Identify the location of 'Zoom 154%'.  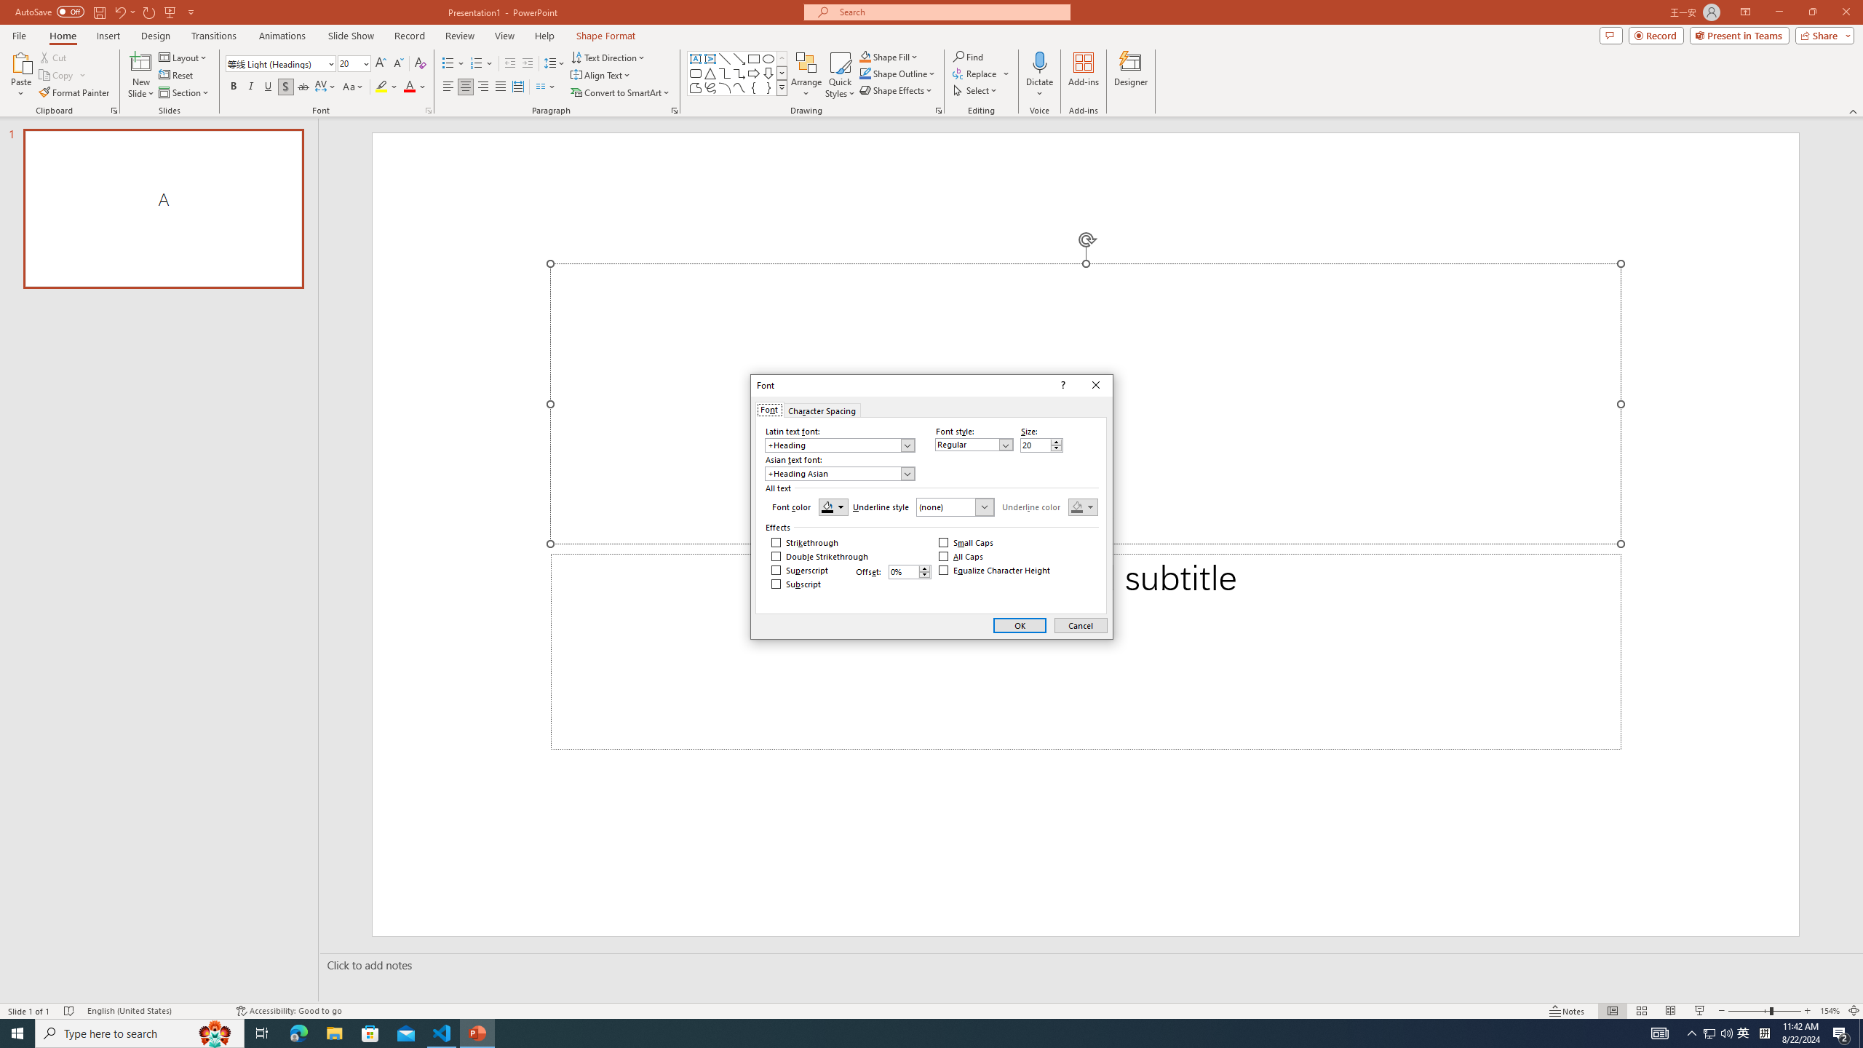
(1830, 1011).